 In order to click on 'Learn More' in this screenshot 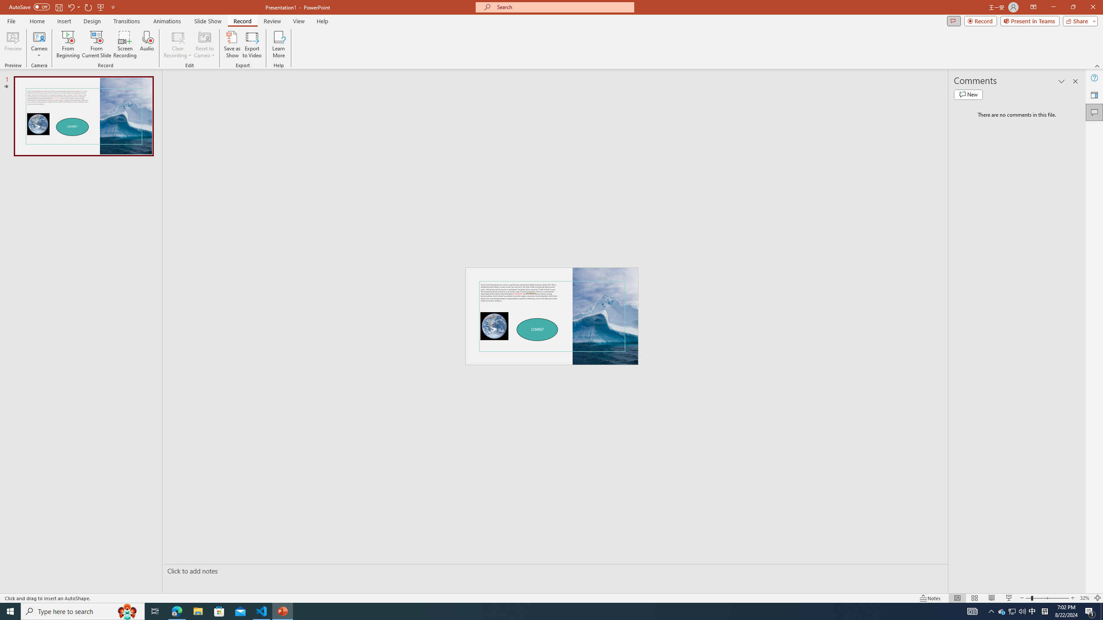, I will do `click(279, 44)`.